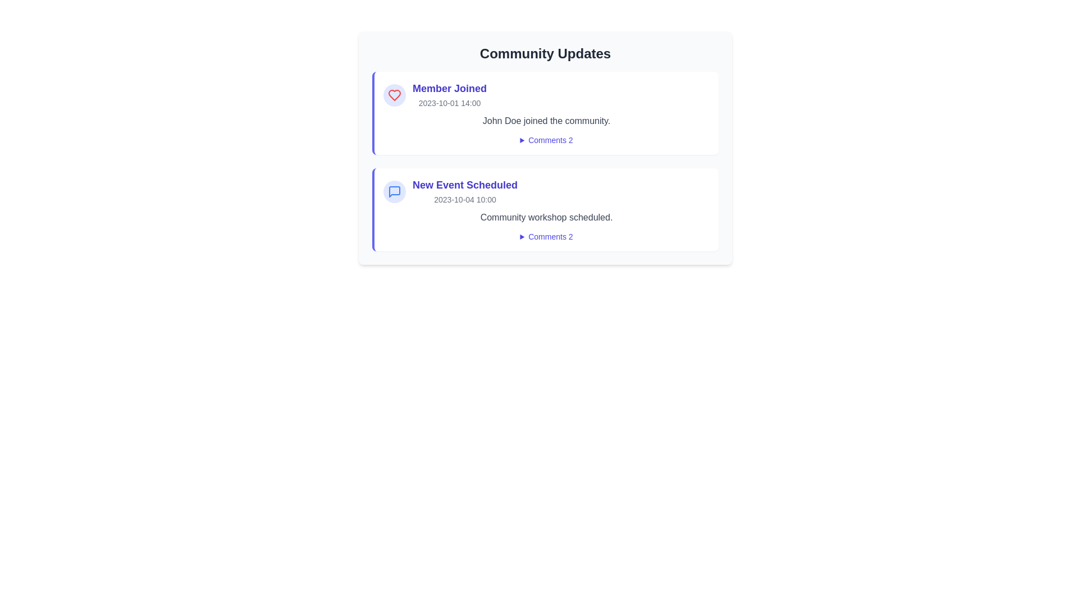 Image resolution: width=1078 pixels, height=606 pixels. What do you see at coordinates (465, 191) in the screenshot?
I see `the information from the second event item in the 'Community Updates' section, which includes details about a new scheduled event` at bounding box center [465, 191].